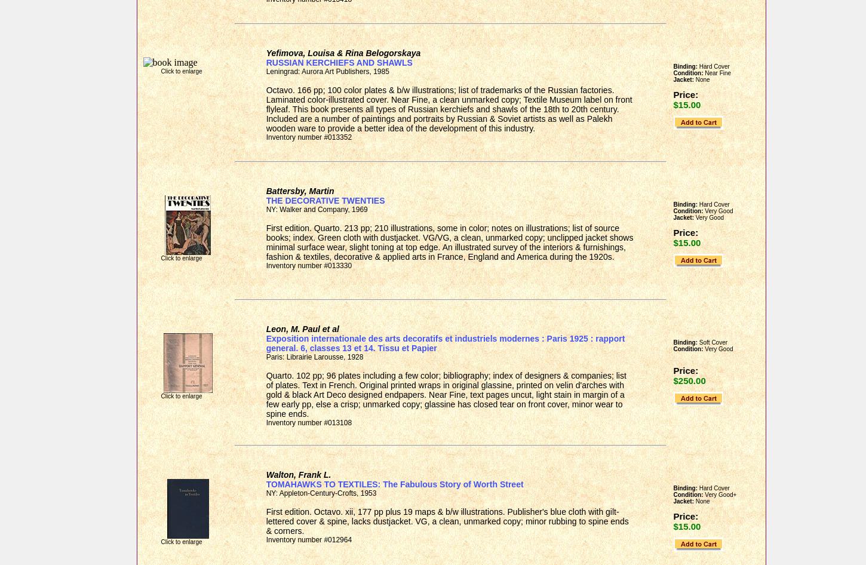 Image resolution: width=866 pixels, height=565 pixels. Describe the element at coordinates (718, 495) in the screenshot. I see `'Very Good+'` at that location.